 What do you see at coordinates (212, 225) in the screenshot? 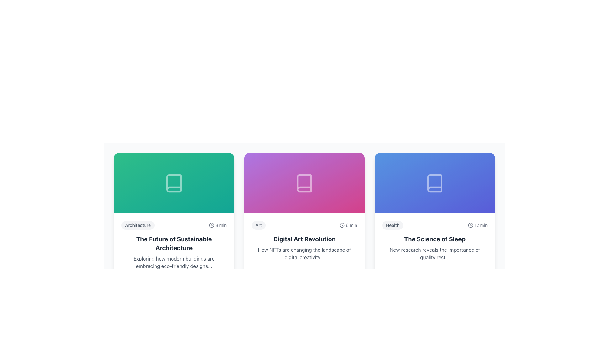
I see `the small circular clock icon located in the top-right section of the card, adjacent to the '8 min' text` at bounding box center [212, 225].